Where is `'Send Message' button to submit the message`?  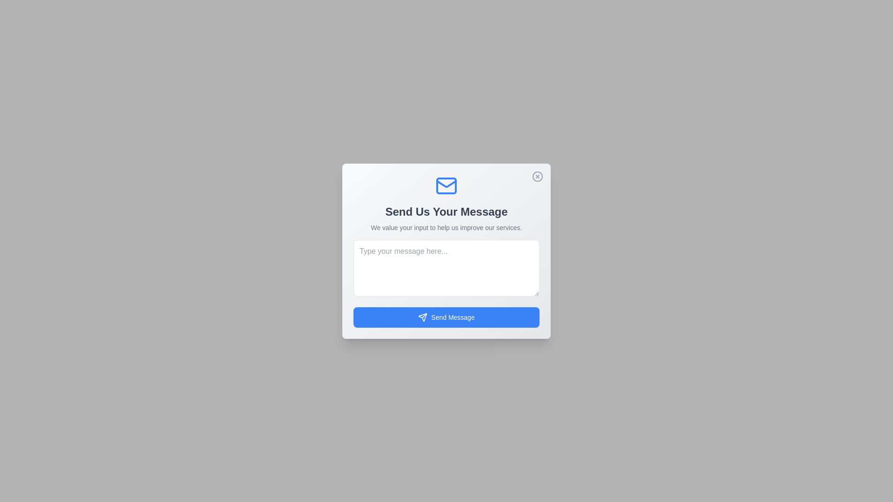
'Send Message' button to submit the message is located at coordinates (446, 317).